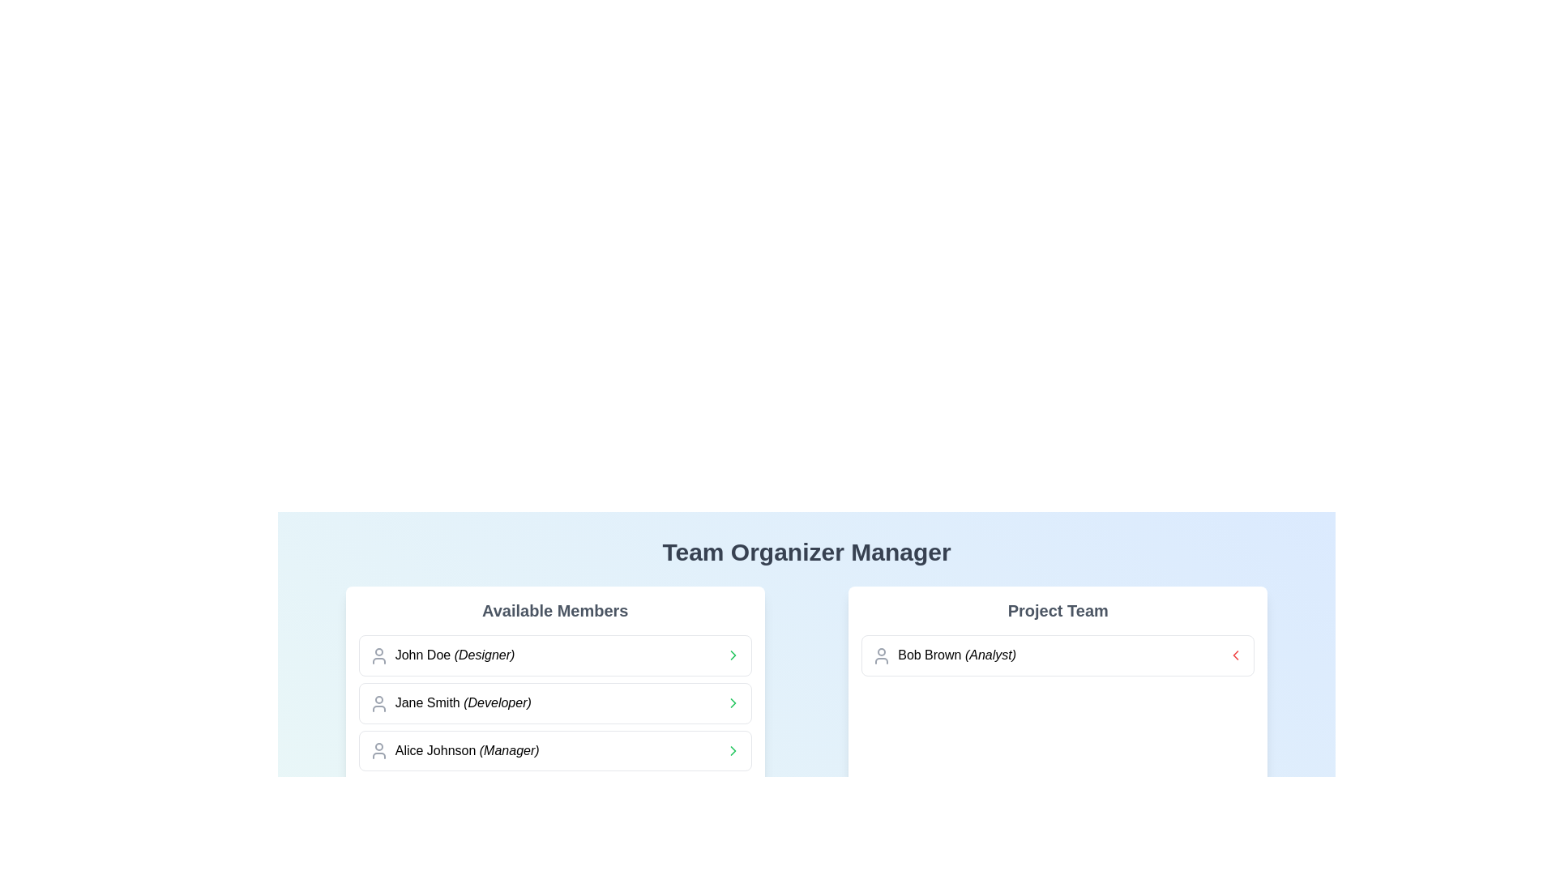 This screenshot has height=875, width=1556. I want to click on the text label that provides additional context about the role or profession of the individual, specifically the label 'Designer' which follows the name 'John Doe', so click(484, 653).